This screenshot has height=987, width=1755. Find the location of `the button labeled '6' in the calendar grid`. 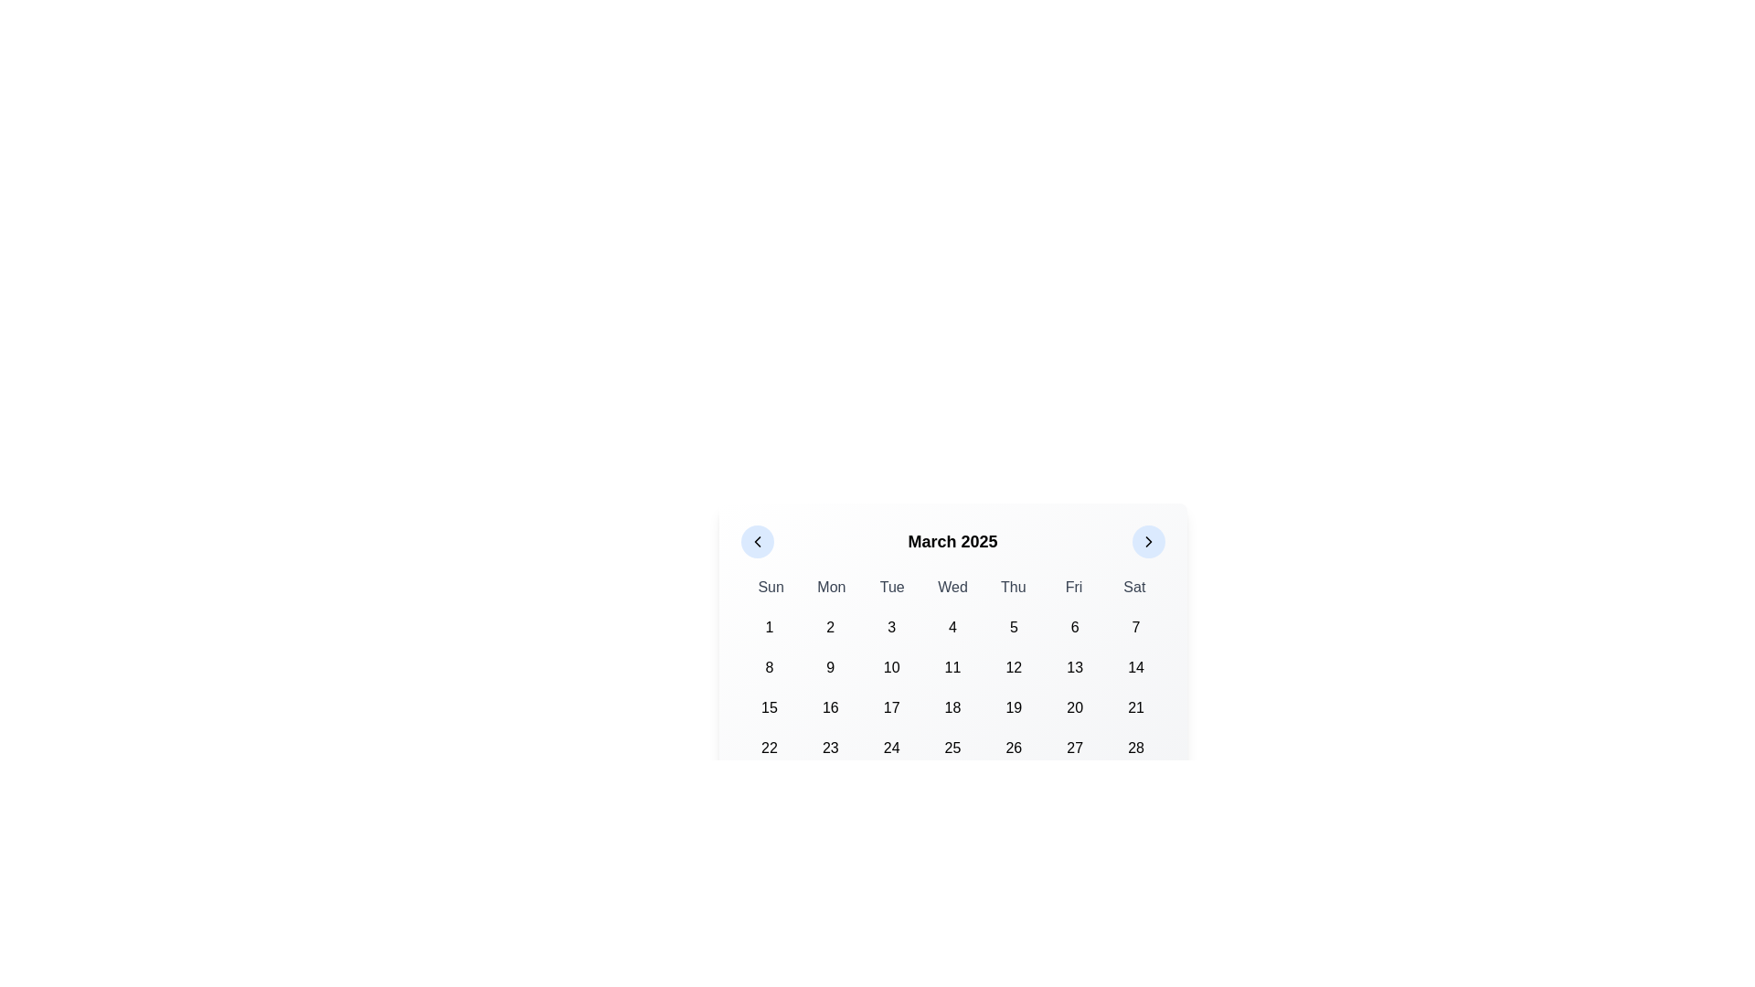

the button labeled '6' in the calendar grid is located at coordinates (1075, 626).